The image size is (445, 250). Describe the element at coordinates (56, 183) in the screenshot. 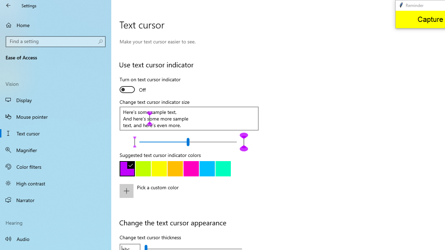

I see `'High contrast'` at that location.